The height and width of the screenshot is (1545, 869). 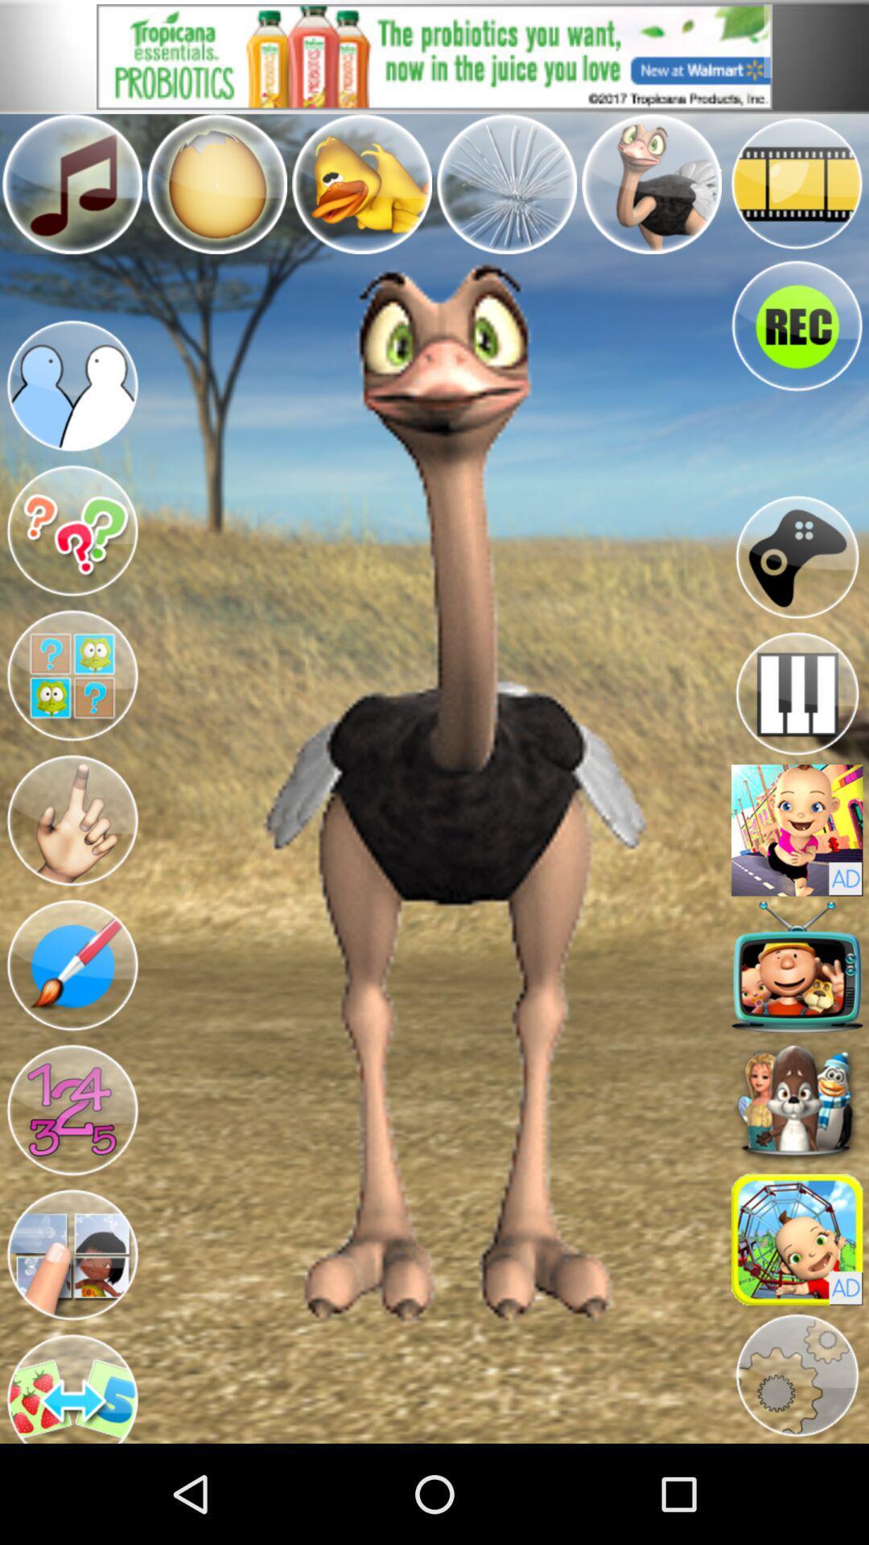 I want to click on the group icon, so click(x=71, y=413).